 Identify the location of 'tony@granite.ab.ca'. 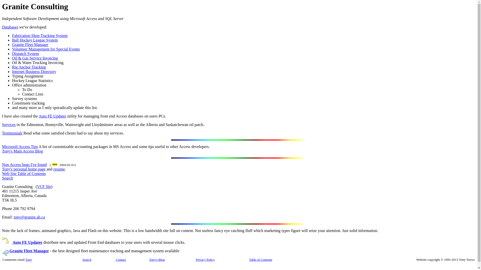
(29, 217).